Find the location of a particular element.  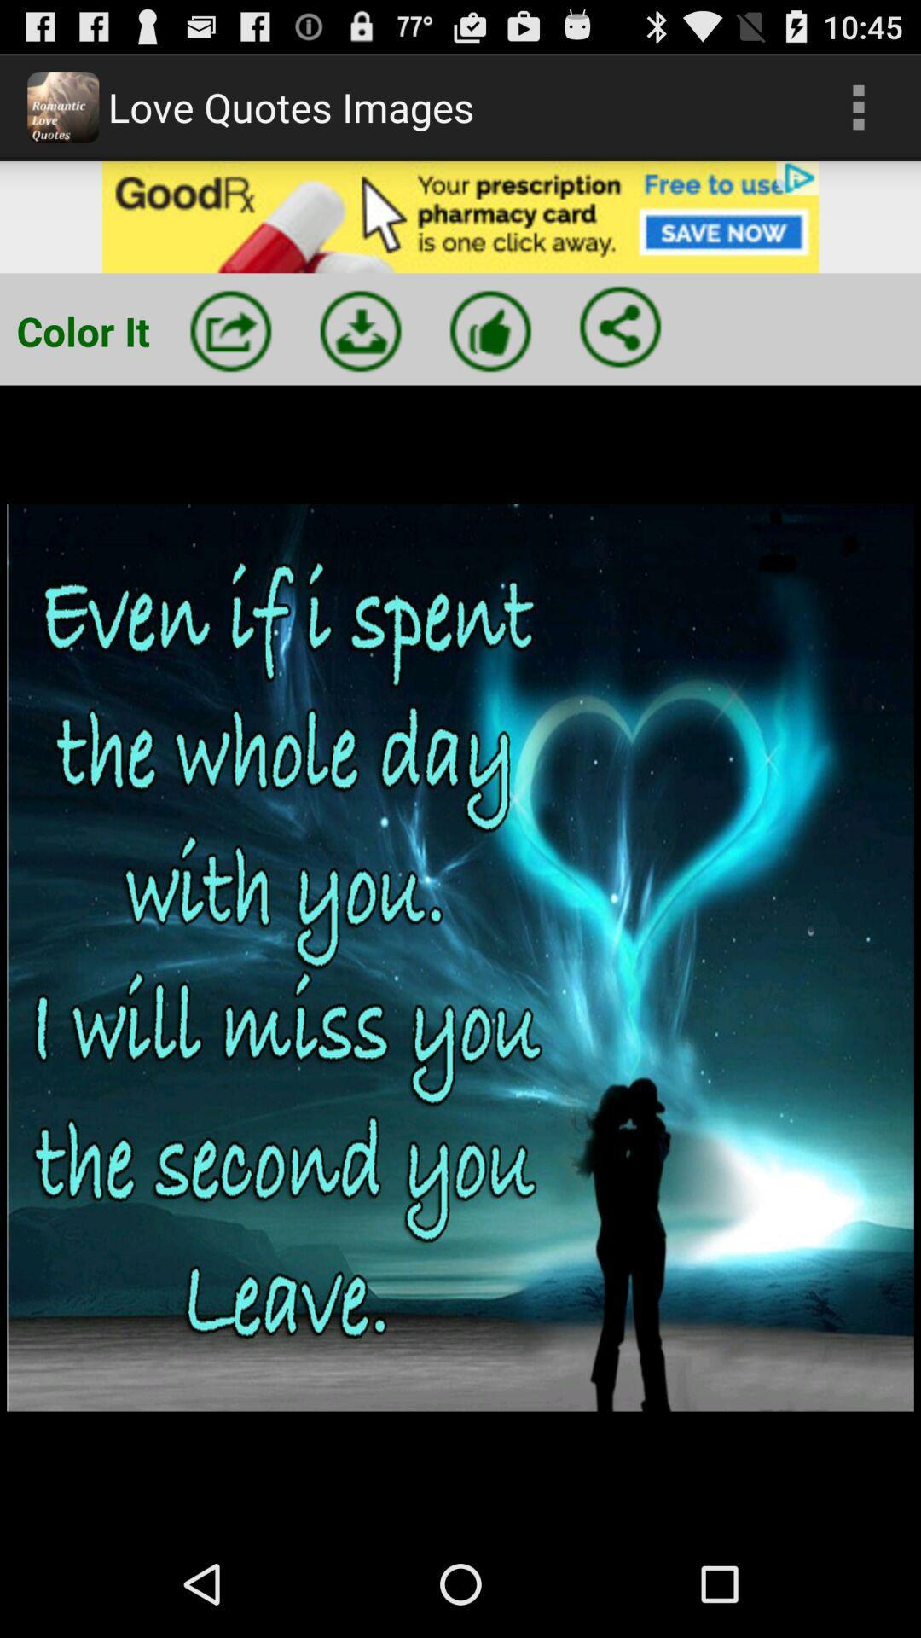

share the image is located at coordinates (620, 327).